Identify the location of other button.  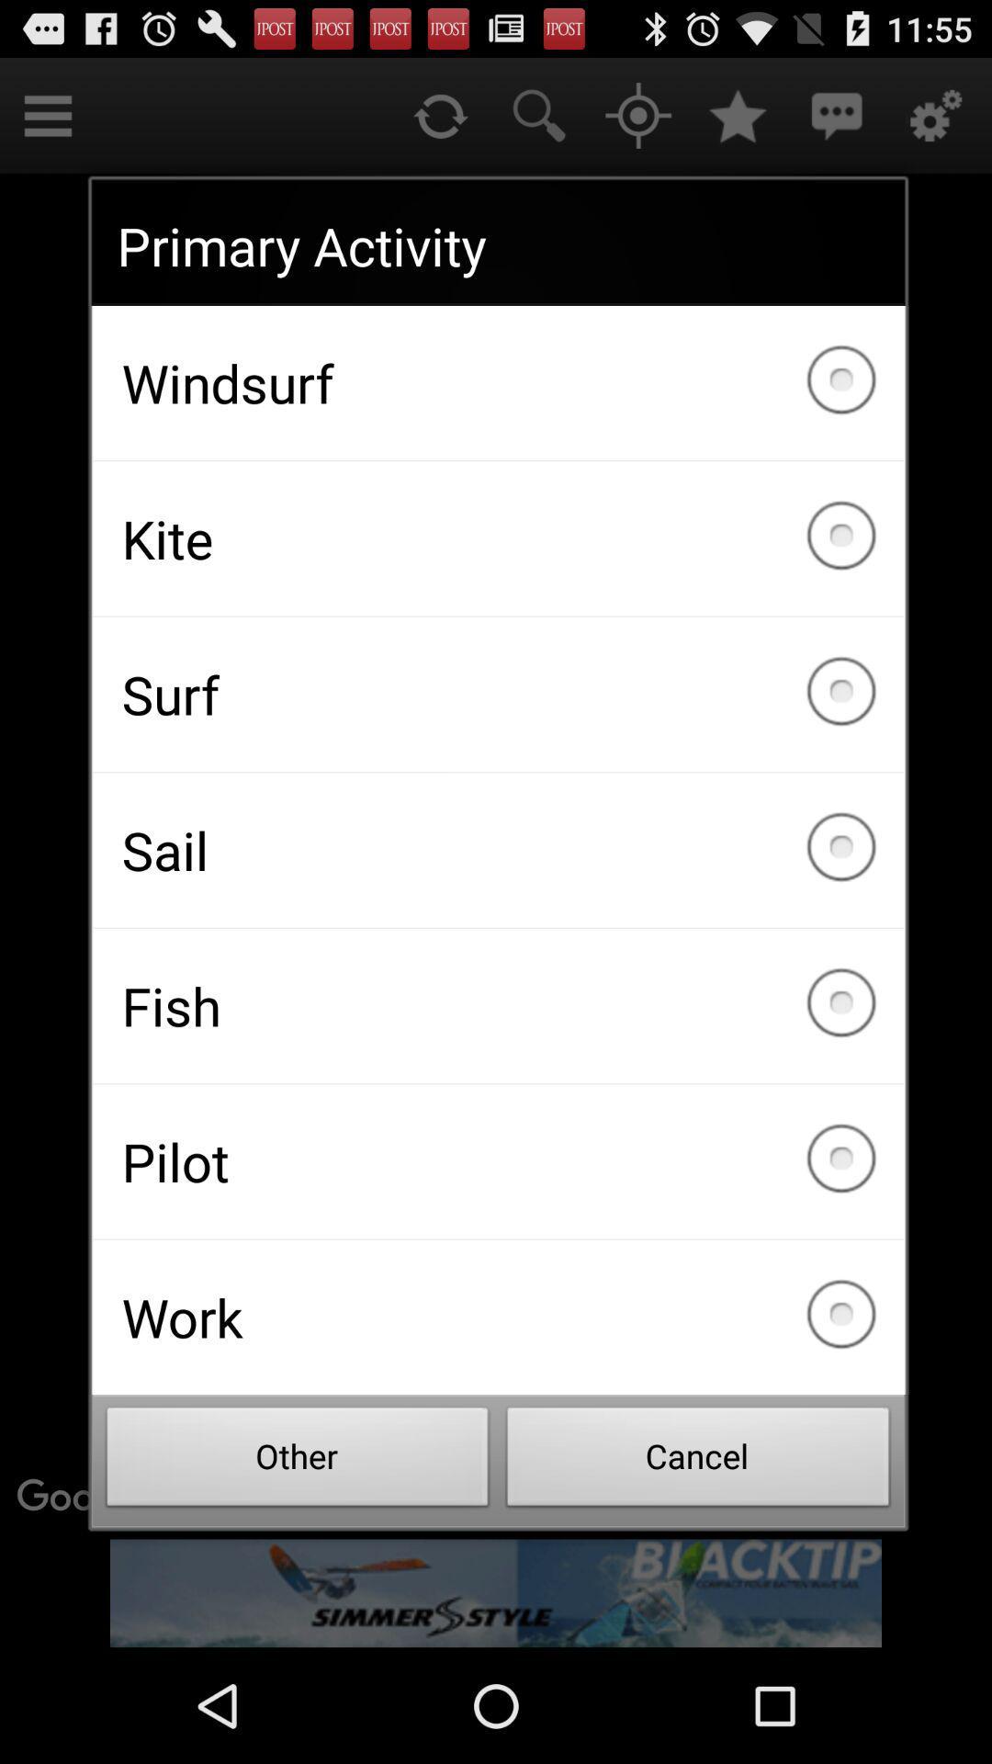
(297, 1461).